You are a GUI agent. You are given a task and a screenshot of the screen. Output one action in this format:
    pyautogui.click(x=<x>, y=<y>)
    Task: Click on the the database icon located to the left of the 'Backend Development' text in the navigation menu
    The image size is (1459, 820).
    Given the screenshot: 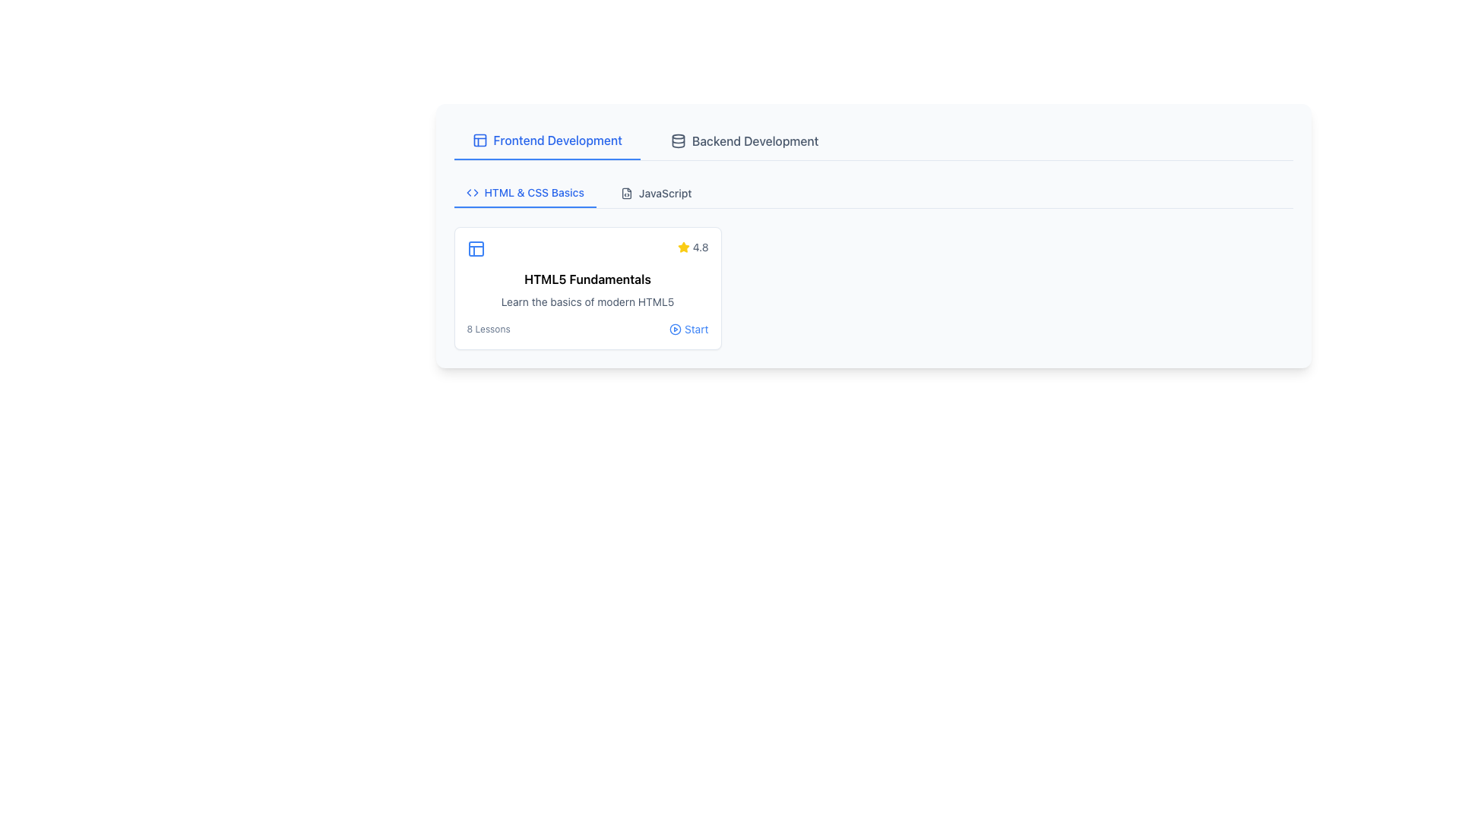 What is the action you would take?
    pyautogui.click(x=677, y=140)
    